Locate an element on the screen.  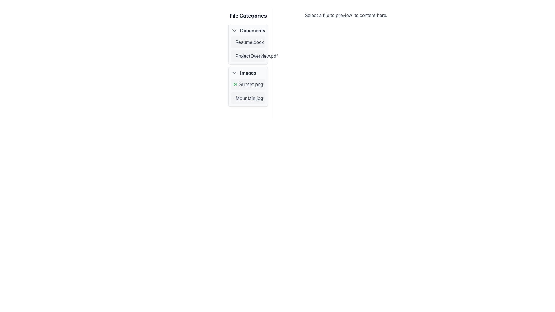
the text label displaying 'Mountain.jpg' is located at coordinates (249, 98).